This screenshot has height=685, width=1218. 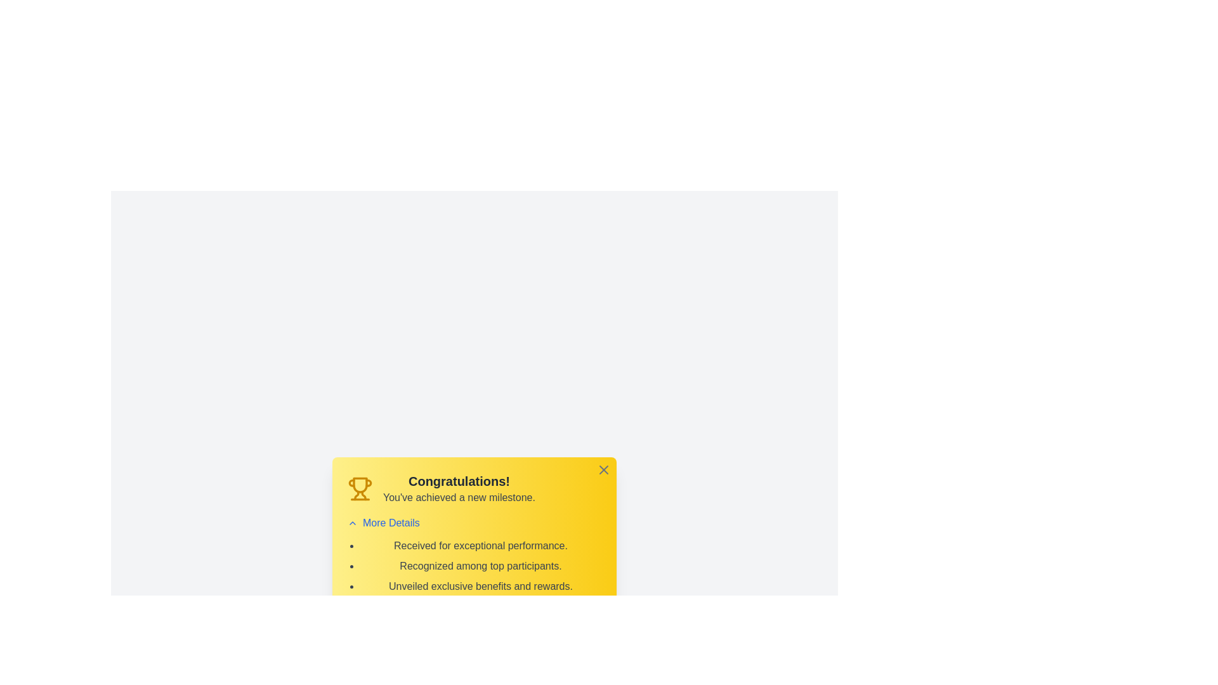 What do you see at coordinates (383, 523) in the screenshot?
I see `the 'More Details' button to toggle the visibility of additional details` at bounding box center [383, 523].